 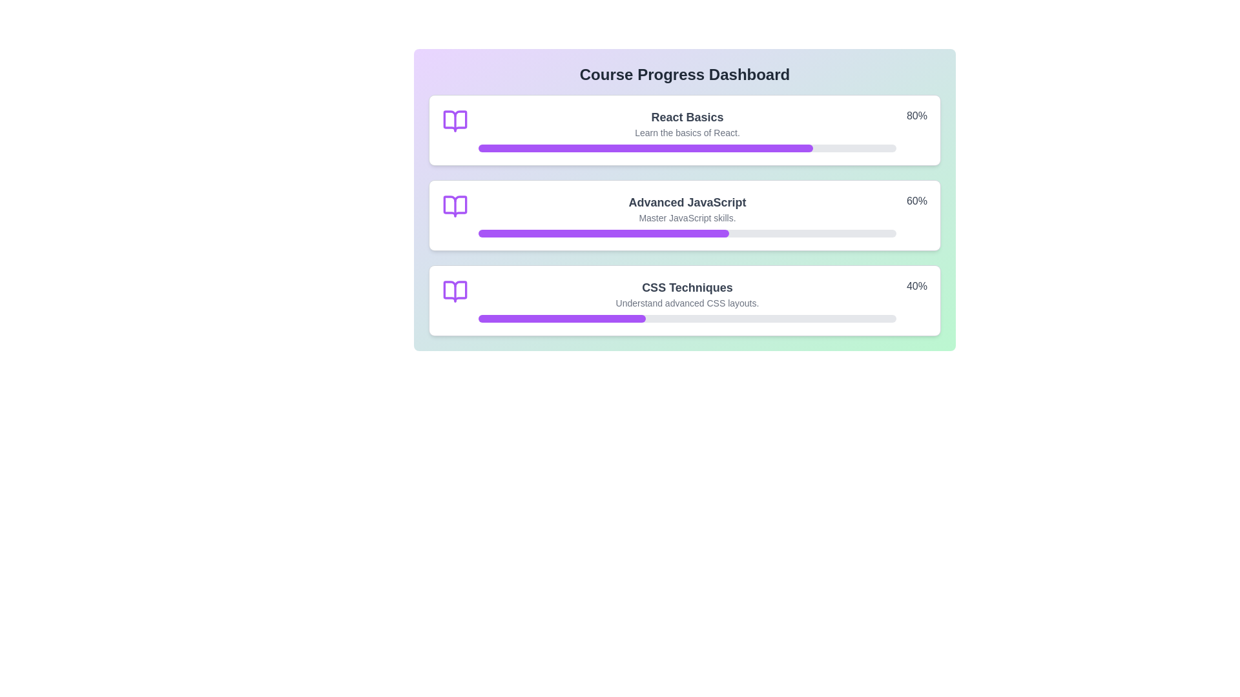 I want to click on text content of the Text label that displays 'Master JavaScript skills.' located below the title 'Advanced JavaScript.', so click(x=687, y=217).